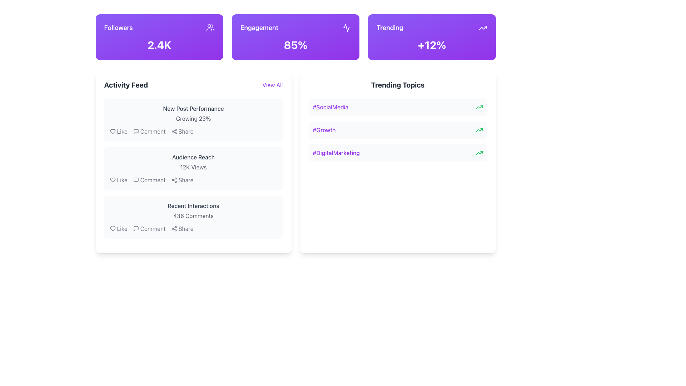 The image size is (686, 386). Describe the element at coordinates (136, 229) in the screenshot. I see `the speech bubble outline SVG icon, which is the leftmost component of the 'Comment' button group located below the 'Recent Interactions' section in the activity feed` at that location.